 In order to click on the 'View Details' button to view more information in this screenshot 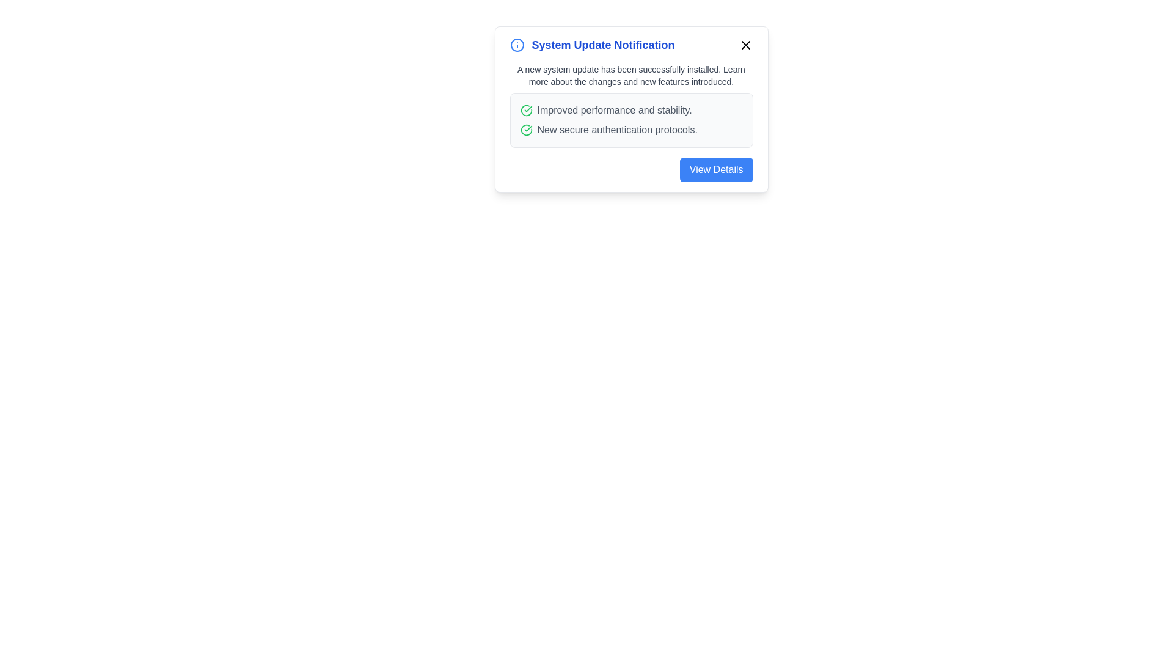, I will do `click(716, 169)`.